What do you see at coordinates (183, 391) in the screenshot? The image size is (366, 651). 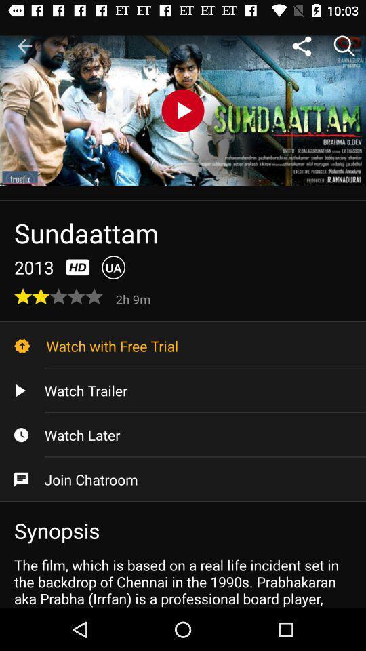 I see `watch trailer icon` at bounding box center [183, 391].